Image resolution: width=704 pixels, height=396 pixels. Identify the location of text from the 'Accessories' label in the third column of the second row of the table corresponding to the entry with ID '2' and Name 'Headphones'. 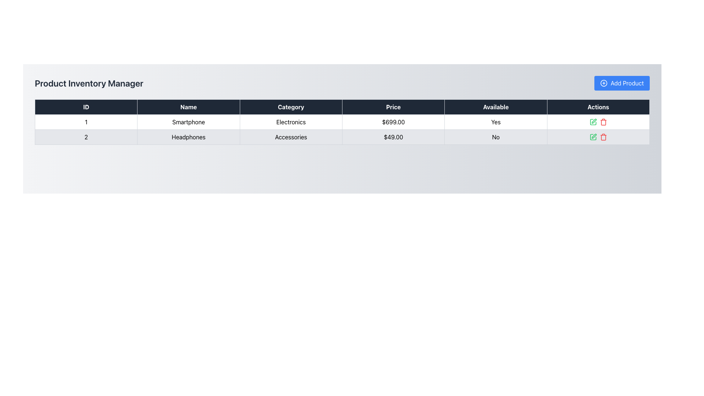
(290, 137).